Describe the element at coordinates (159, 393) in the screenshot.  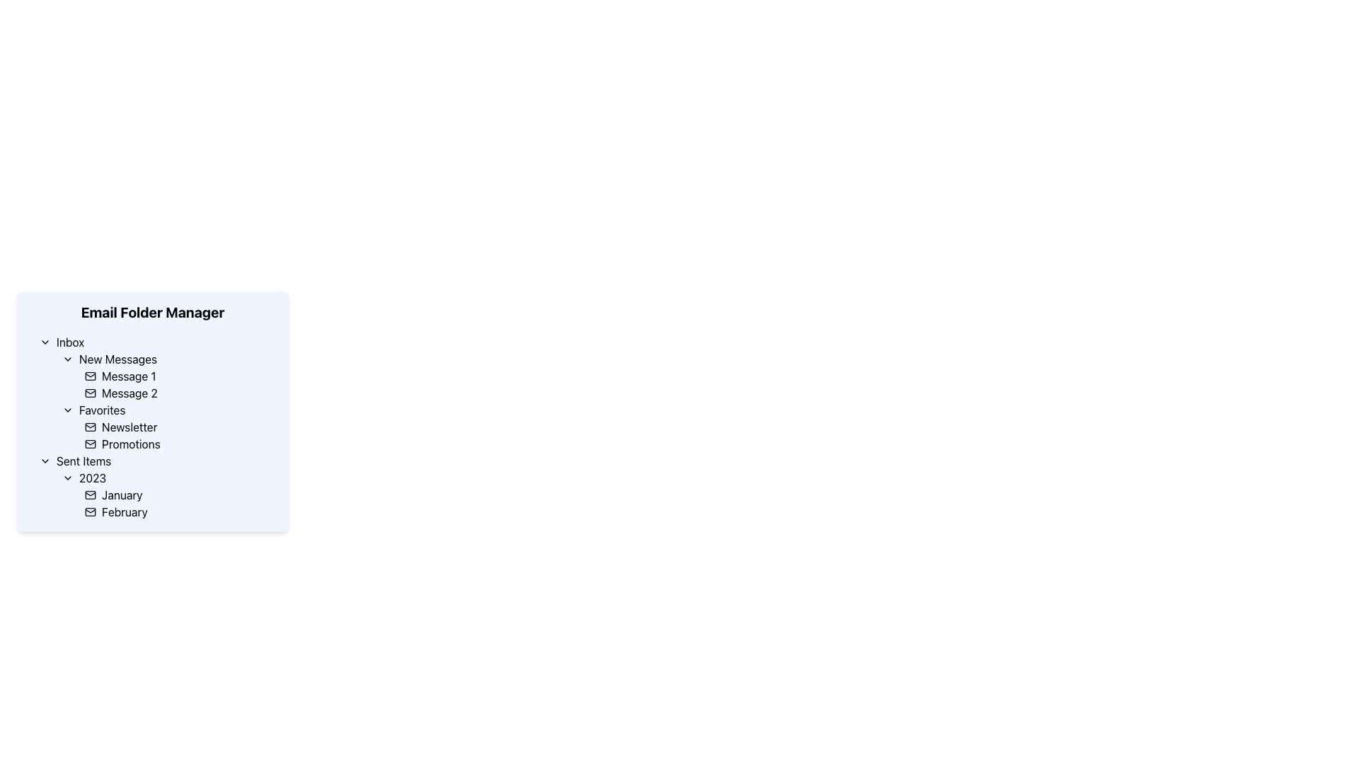
I see `the List Item representing 'Message 2' in the 'New Messages' category of the 'Inbox'` at that location.